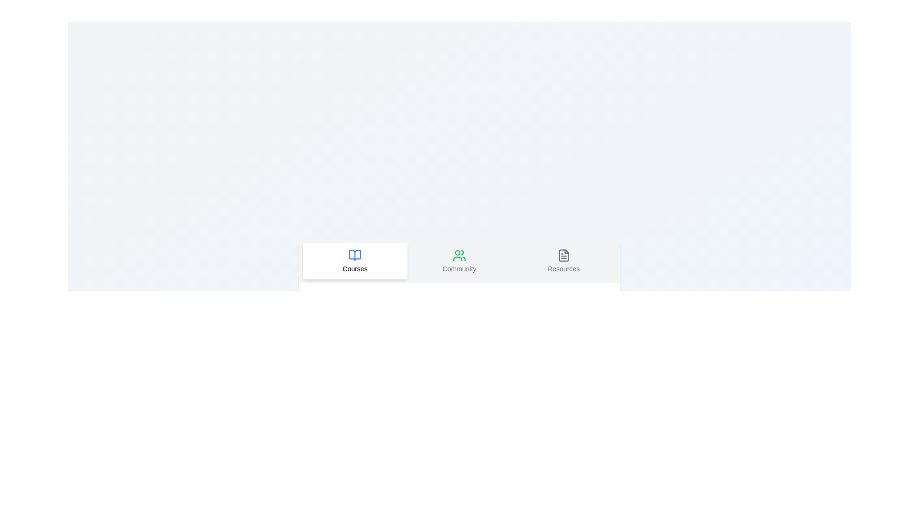 Image resolution: width=916 pixels, height=515 pixels. What do you see at coordinates (354, 261) in the screenshot?
I see `the tab Courses to observe its visual change` at bounding box center [354, 261].